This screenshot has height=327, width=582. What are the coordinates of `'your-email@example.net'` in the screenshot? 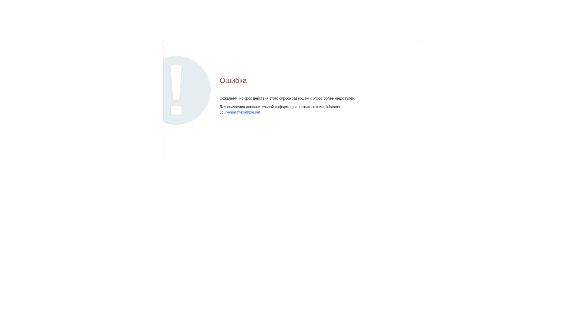 It's located at (239, 112).